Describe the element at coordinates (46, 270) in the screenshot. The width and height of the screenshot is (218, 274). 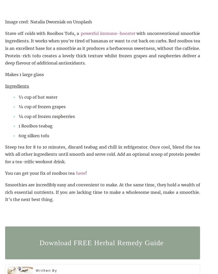
I see `'Written By'` at that location.